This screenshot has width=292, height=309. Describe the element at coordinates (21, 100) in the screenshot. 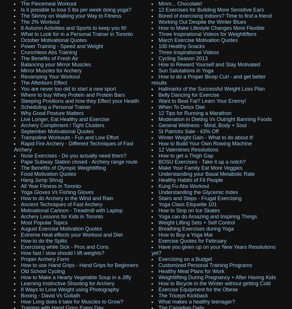

I see `'Sleeping Positions and how they Effect your Health'` at that location.